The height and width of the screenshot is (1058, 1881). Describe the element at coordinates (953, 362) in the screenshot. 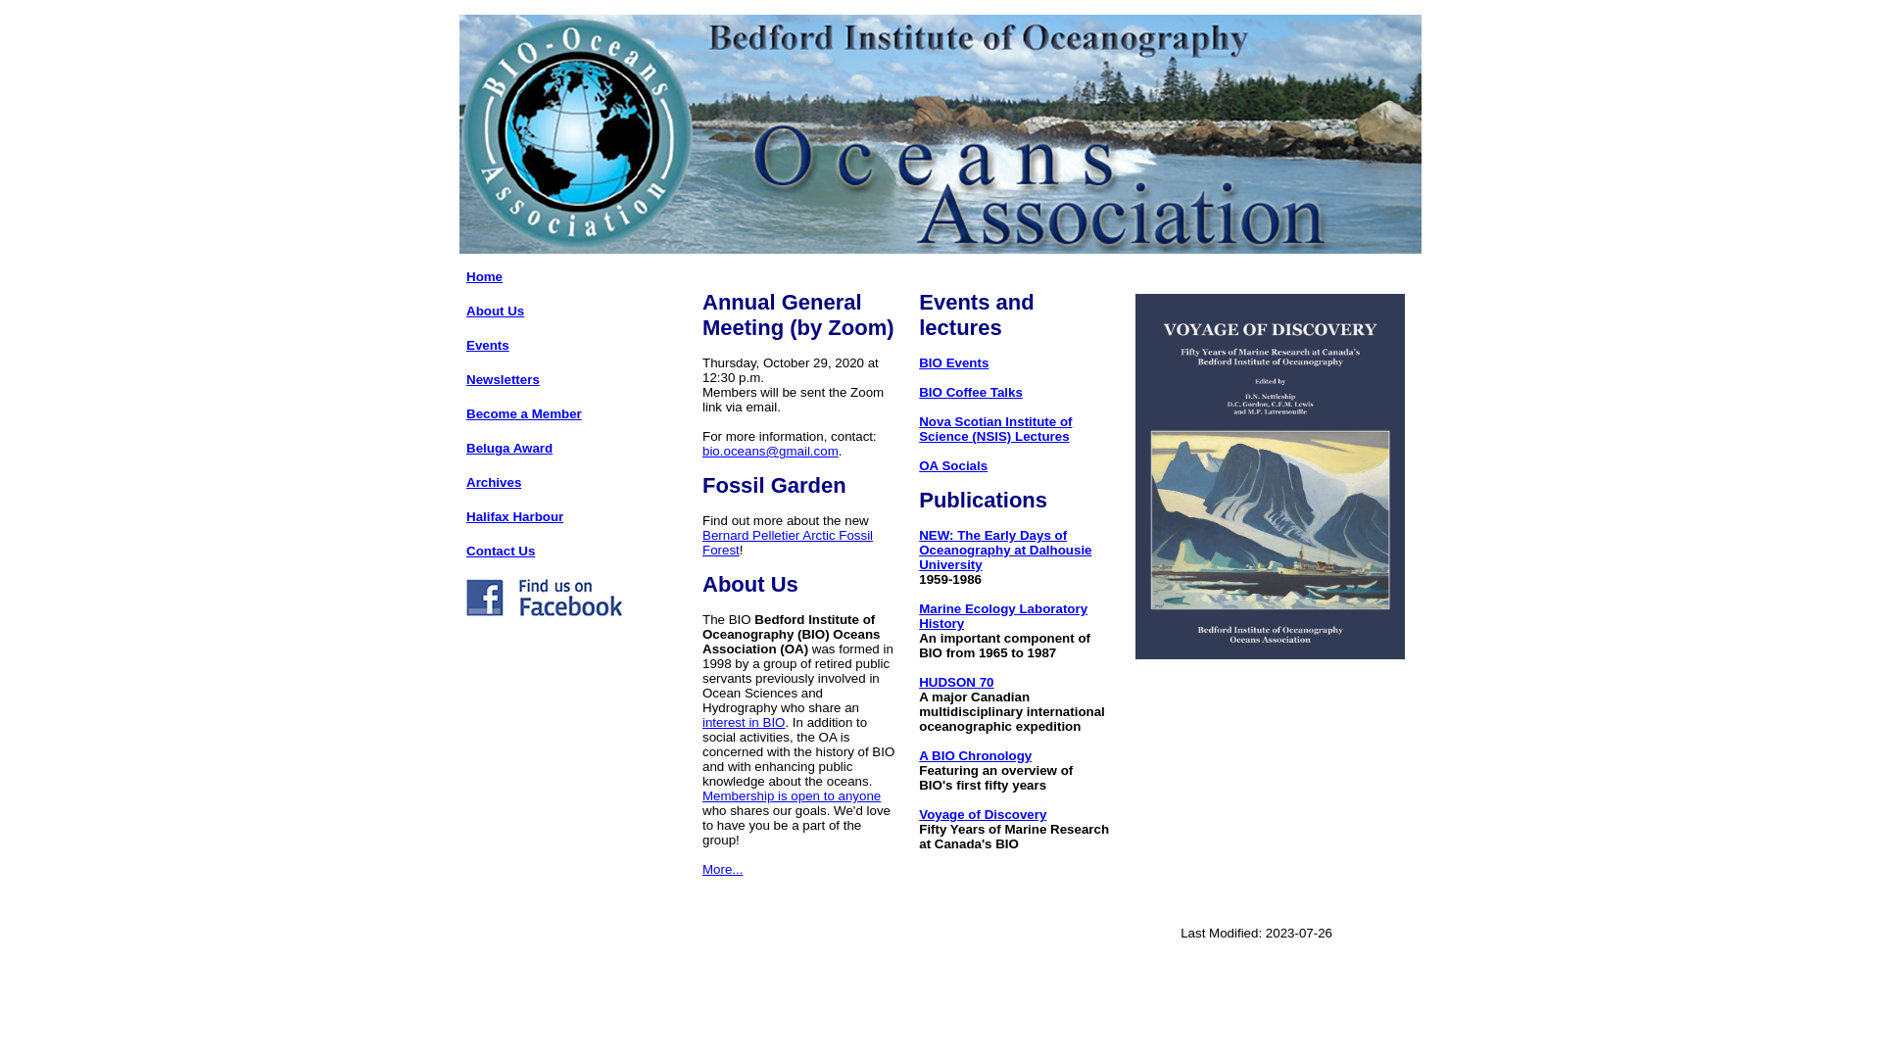

I see `'BIO Events'` at that location.